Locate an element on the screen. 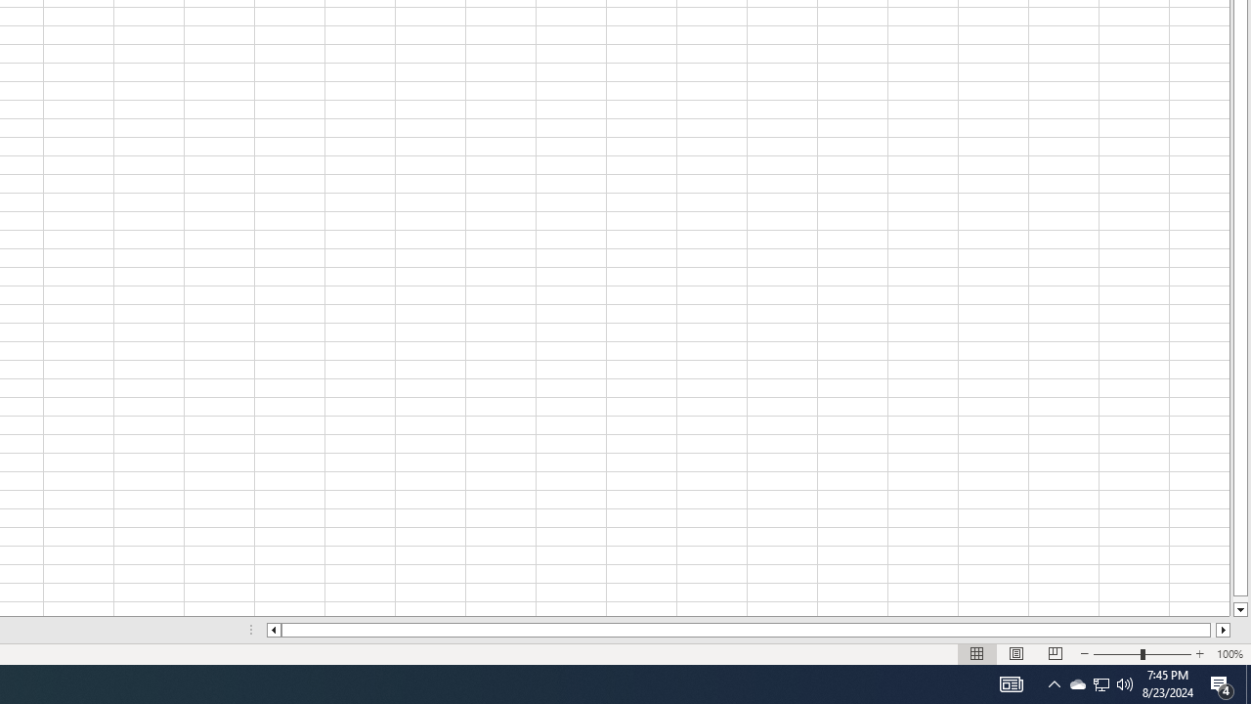 This screenshot has height=704, width=1251. 'Zoom In' is located at coordinates (1198, 654).